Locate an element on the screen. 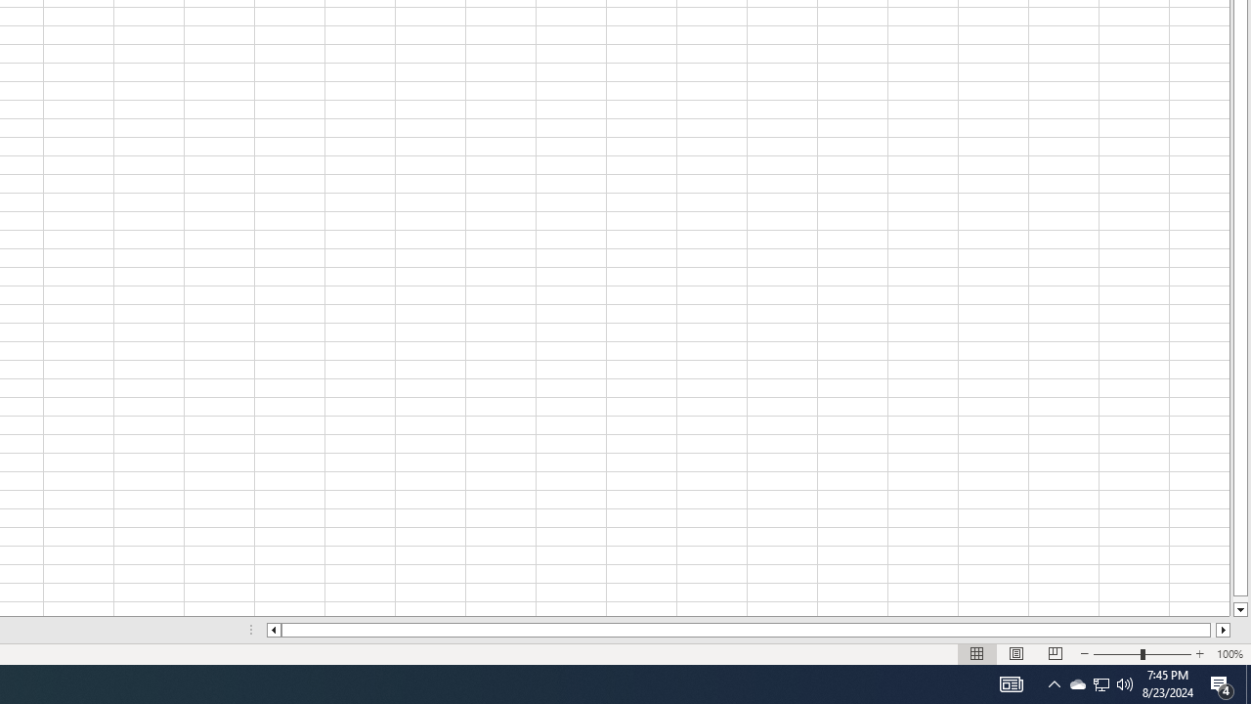 This screenshot has height=704, width=1251. 'Zoom In' is located at coordinates (1198, 654).